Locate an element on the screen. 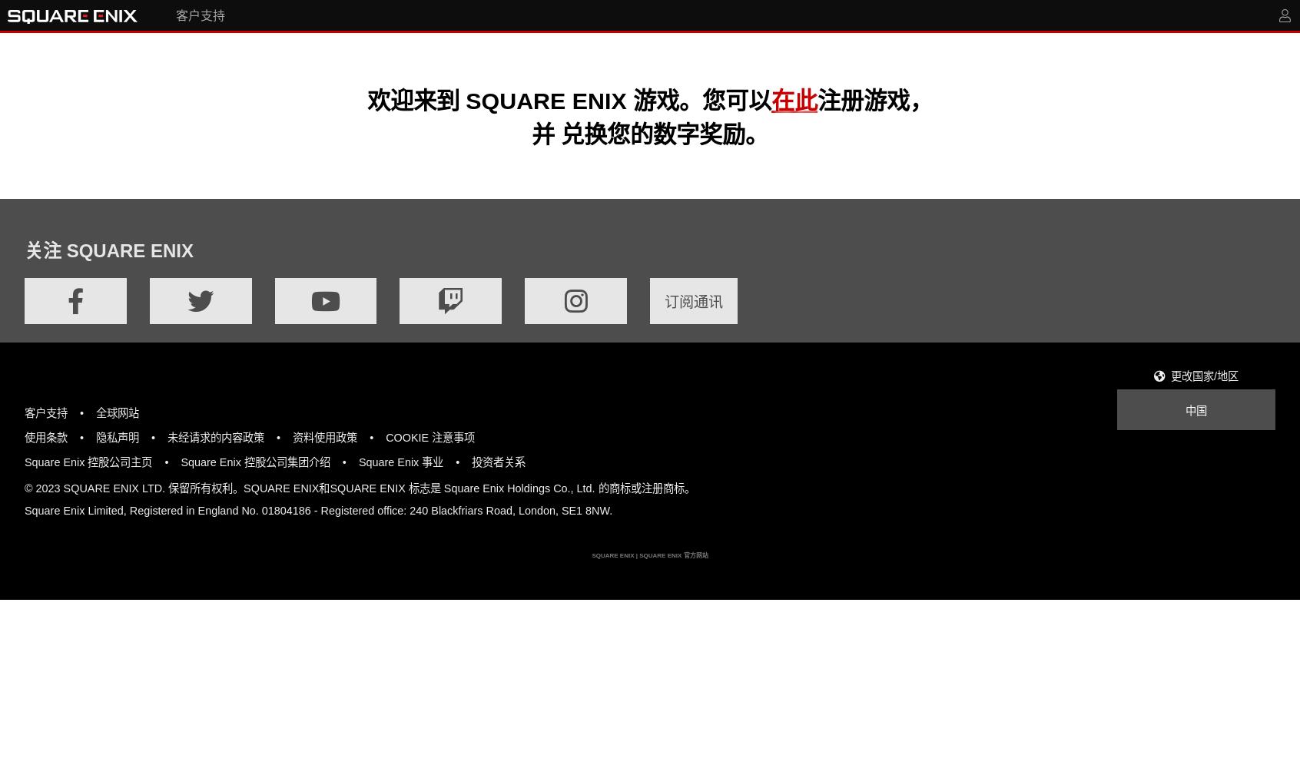 This screenshot has width=1300, height=768. 'Square Enix Limited, Registered in England No. 01804186 - Registered office: 240 Blackfriars Road, London, SE1 8NW.' is located at coordinates (318, 510).